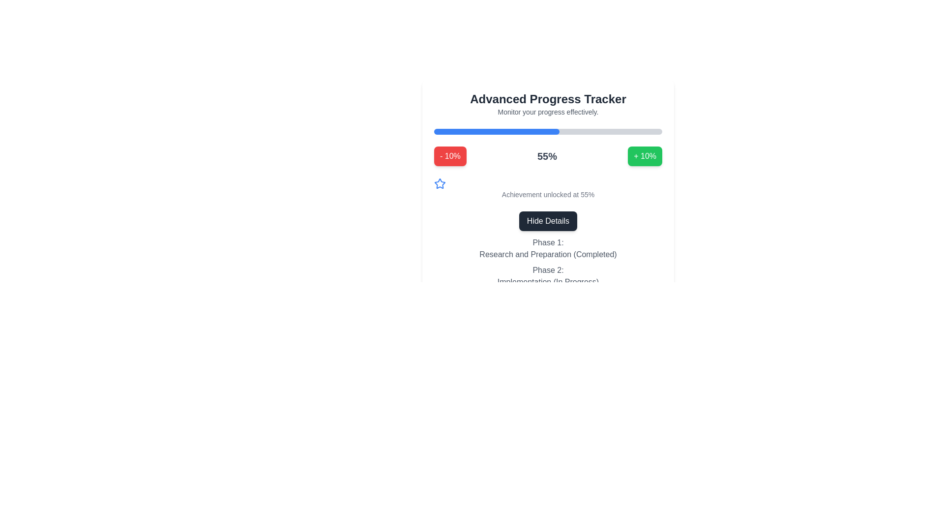 This screenshot has height=531, width=944. Describe the element at coordinates (547, 189) in the screenshot. I see `the achievement milestone feedback label located beneath the '55%' progress indicator and above the 'Hide Details' button in the main progress tracker panel` at that location.